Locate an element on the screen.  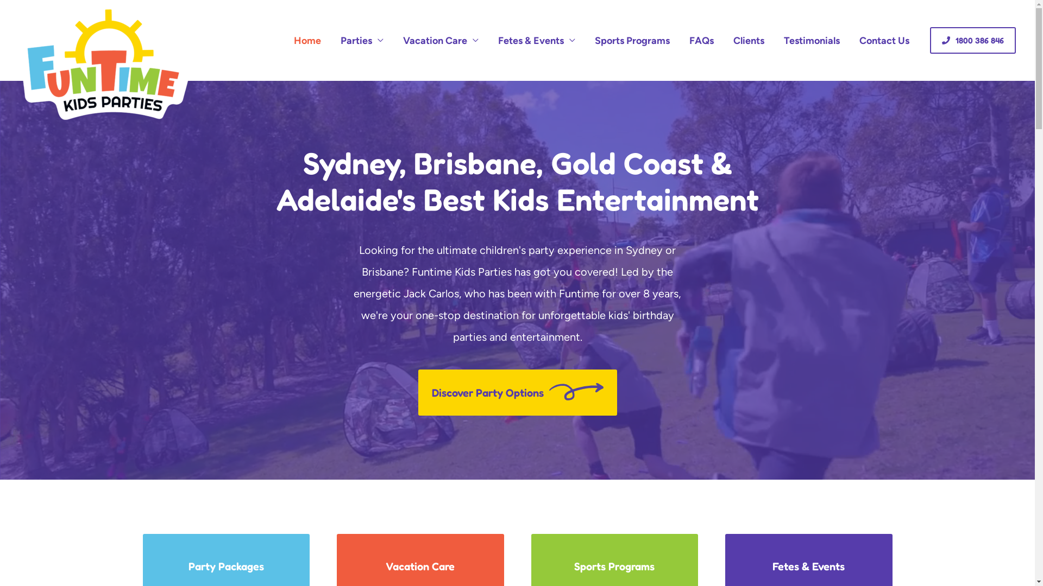
'Vacation Care' is located at coordinates (441, 40).